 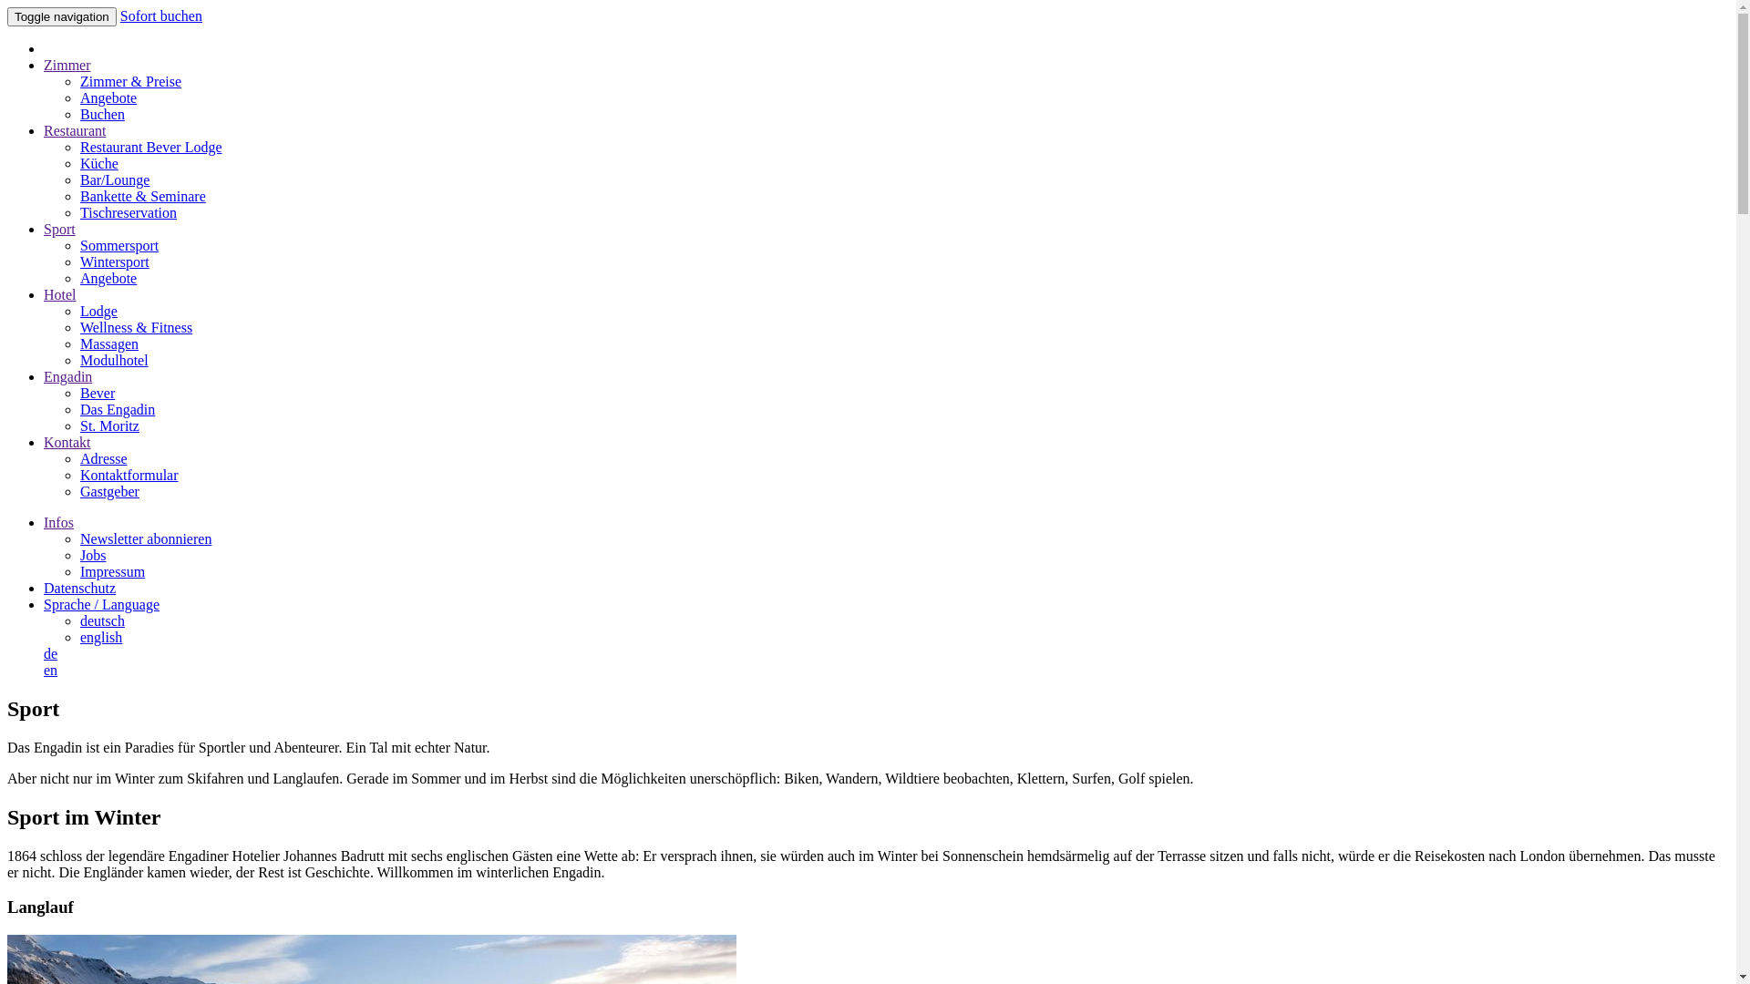 I want to click on 'Engadin', so click(x=67, y=375).